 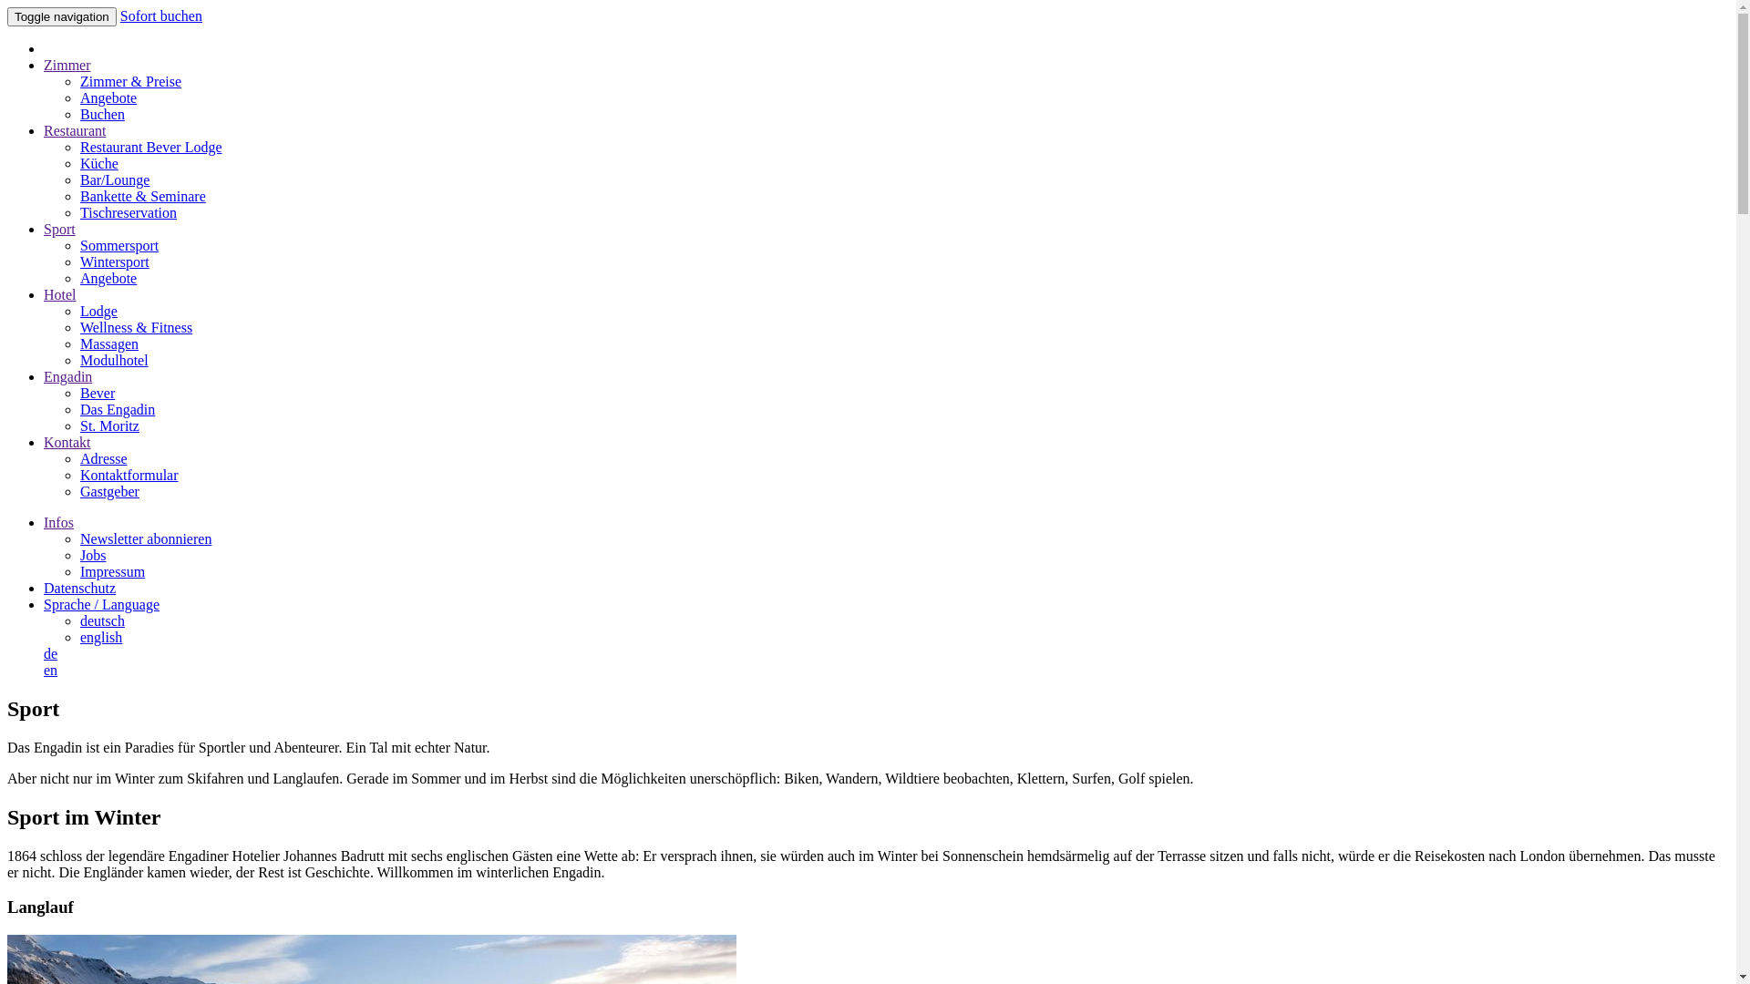 I want to click on 'Engadin', so click(x=67, y=375).